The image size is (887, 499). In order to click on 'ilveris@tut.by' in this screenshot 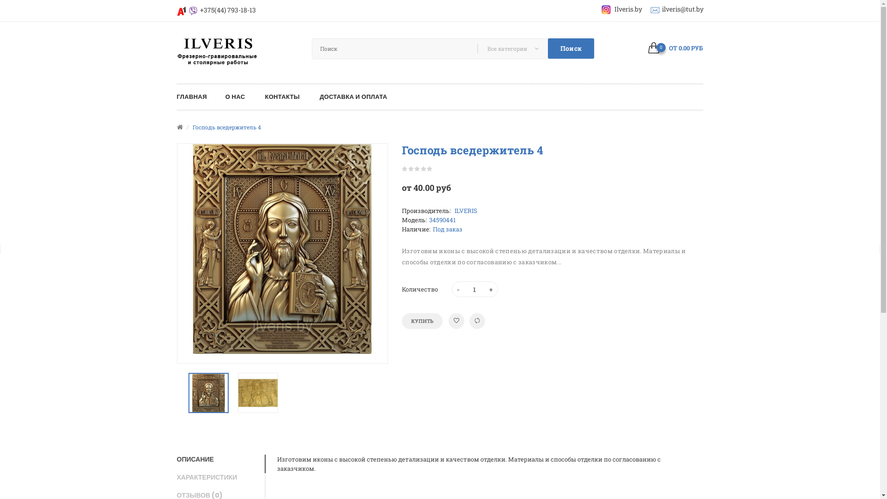, I will do `click(682, 9)`.